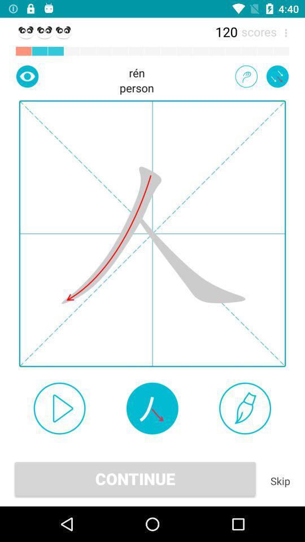 Image resolution: width=305 pixels, height=542 pixels. I want to click on the icon next to the person item, so click(27, 76).